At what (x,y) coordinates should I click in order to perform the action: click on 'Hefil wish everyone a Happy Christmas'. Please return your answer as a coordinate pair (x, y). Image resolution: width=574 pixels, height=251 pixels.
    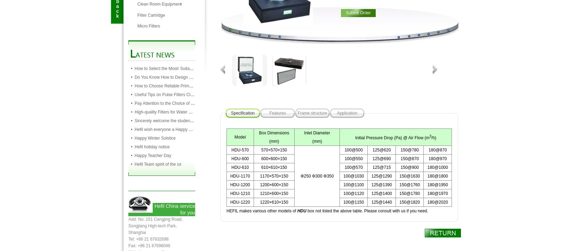
    Looking at the image, I should click on (134, 129).